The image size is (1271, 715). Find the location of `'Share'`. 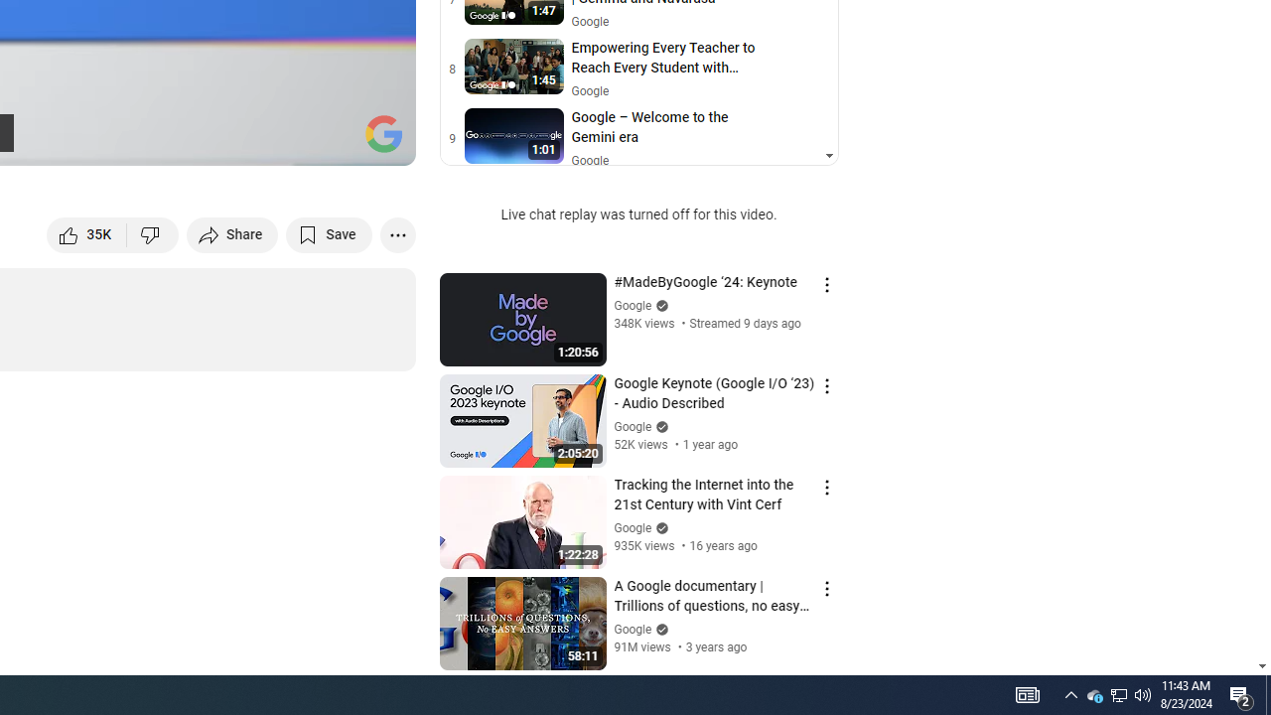

'Share' is located at coordinates (232, 233).